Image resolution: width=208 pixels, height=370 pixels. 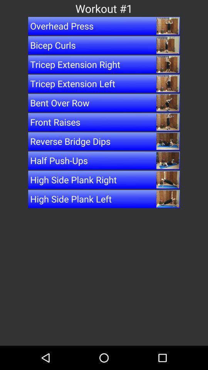 What do you see at coordinates (104, 122) in the screenshot?
I see `the front raises` at bounding box center [104, 122].